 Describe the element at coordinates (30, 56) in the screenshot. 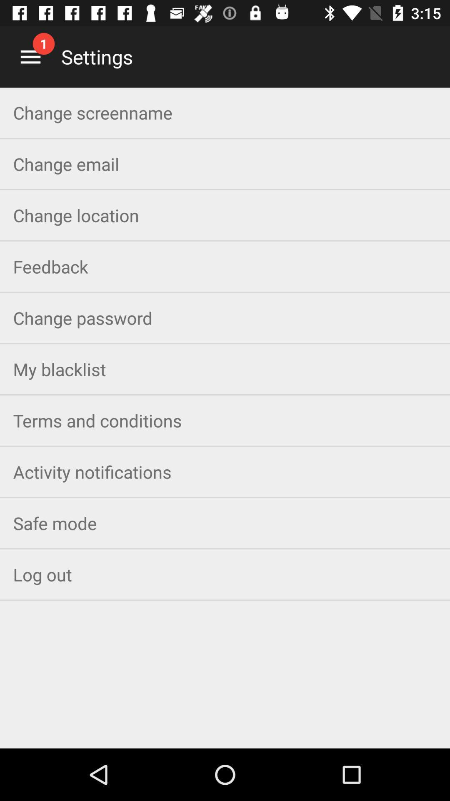

I see `main menu` at that location.